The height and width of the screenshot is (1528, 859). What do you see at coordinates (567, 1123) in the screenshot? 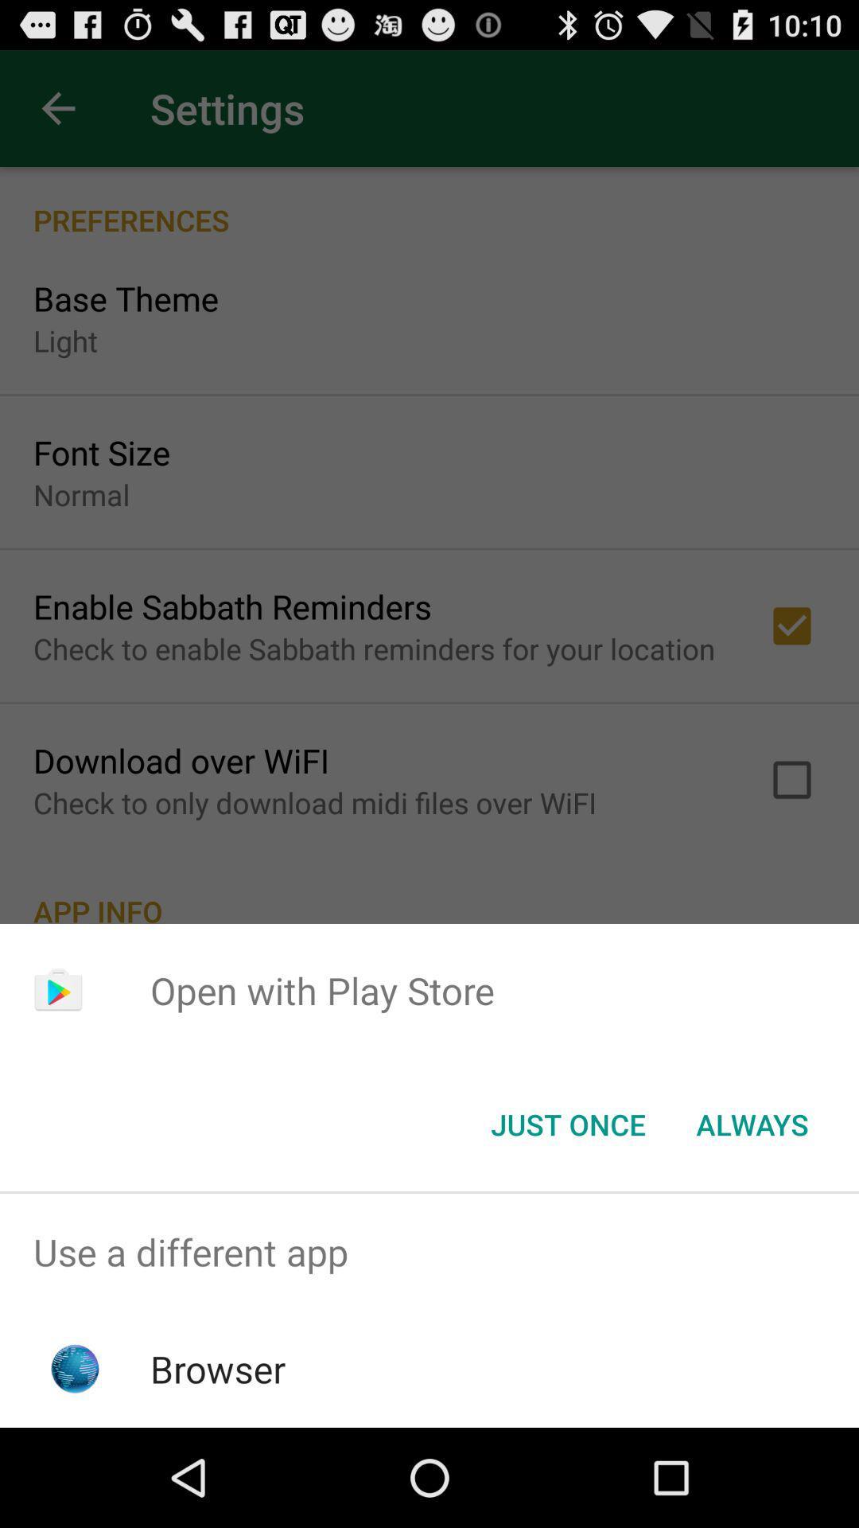
I see `item to the left of always icon` at bounding box center [567, 1123].